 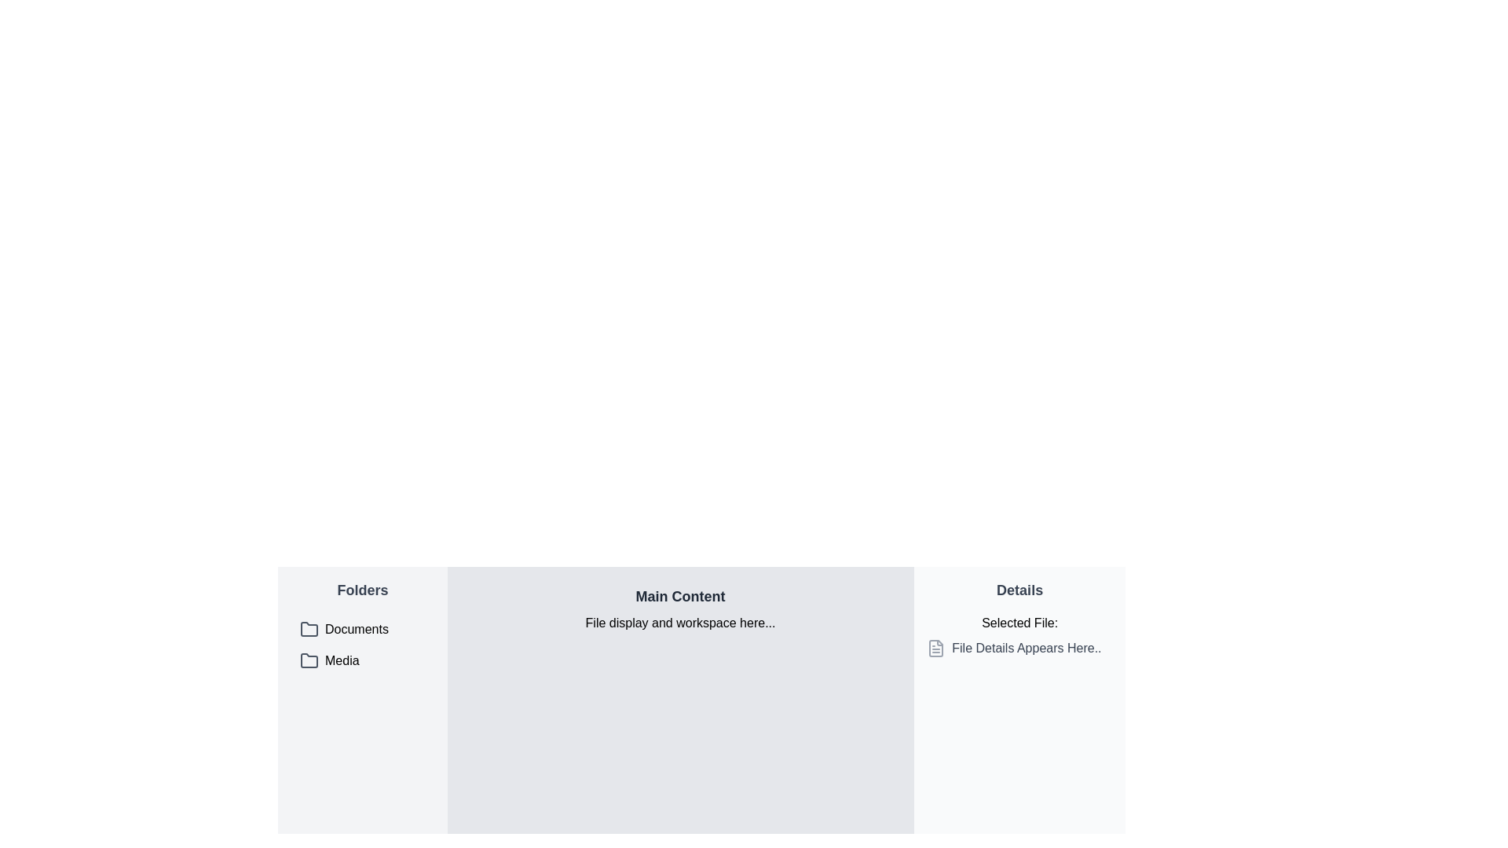 What do you see at coordinates (680, 623) in the screenshot?
I see `the Text Label that provides information about the primary display area, located centrally below the 'Main Content' heading` at bounding box center [680, 623].